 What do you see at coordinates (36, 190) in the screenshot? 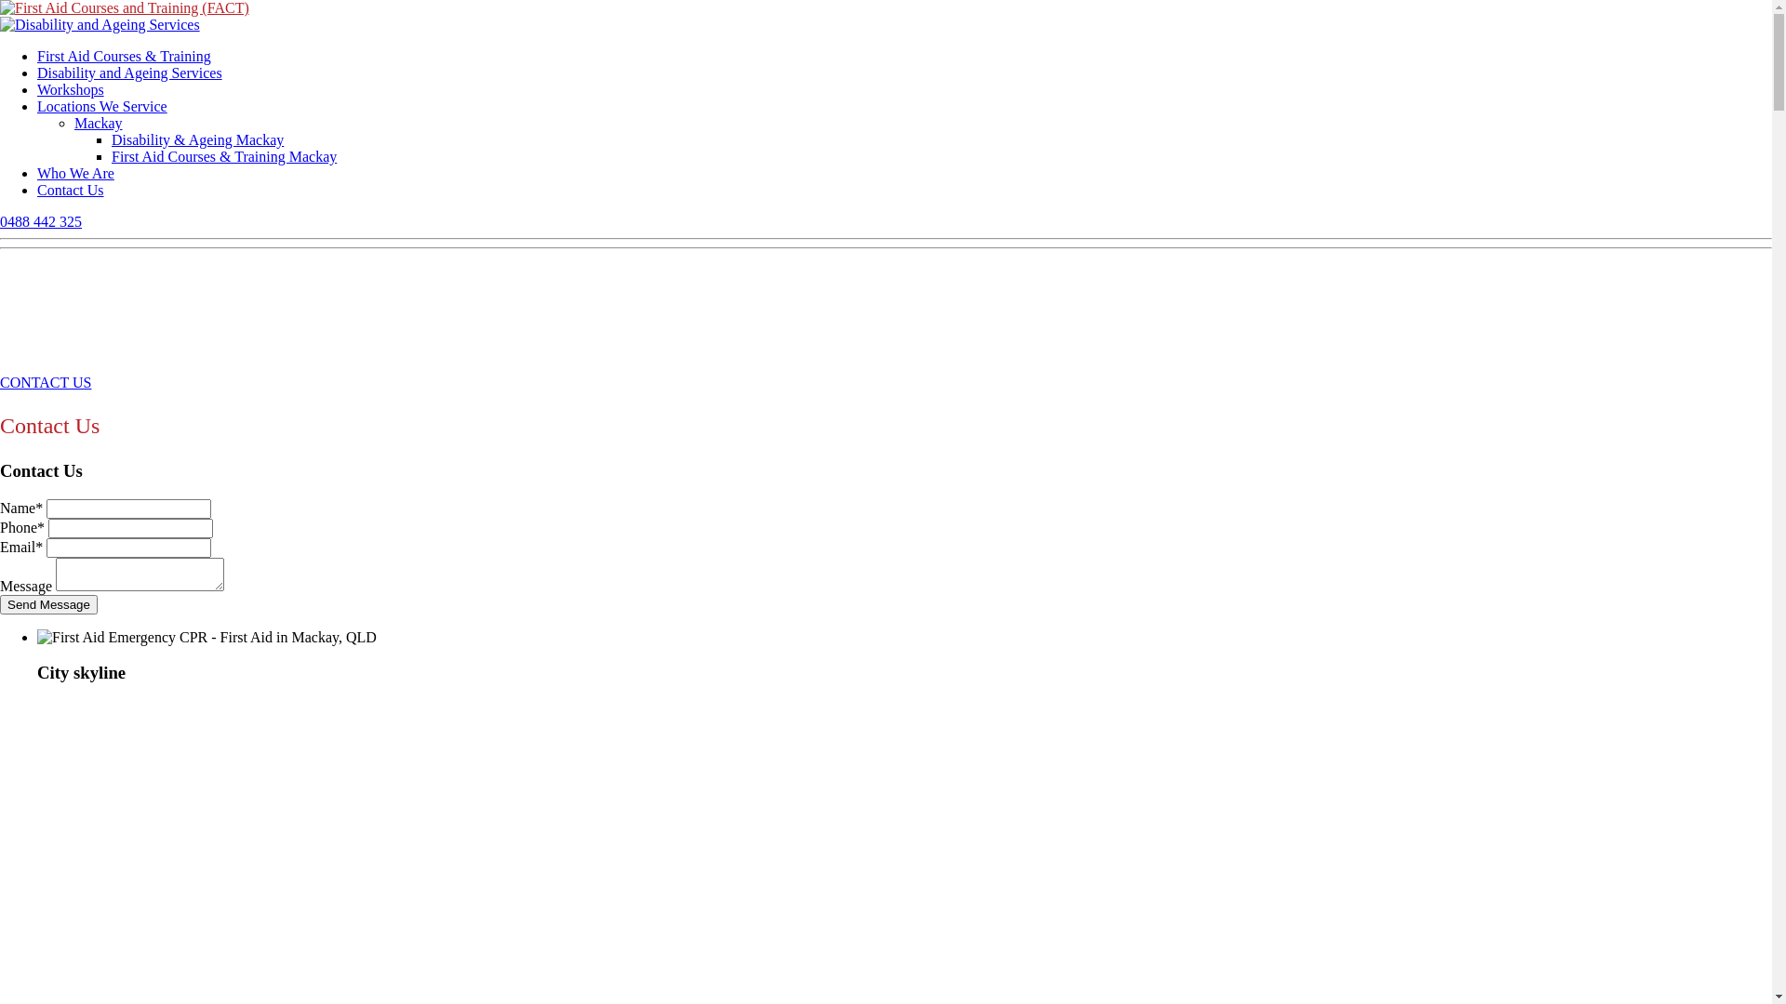
I see `'Contact Us'` at bounding box center [36, 190].